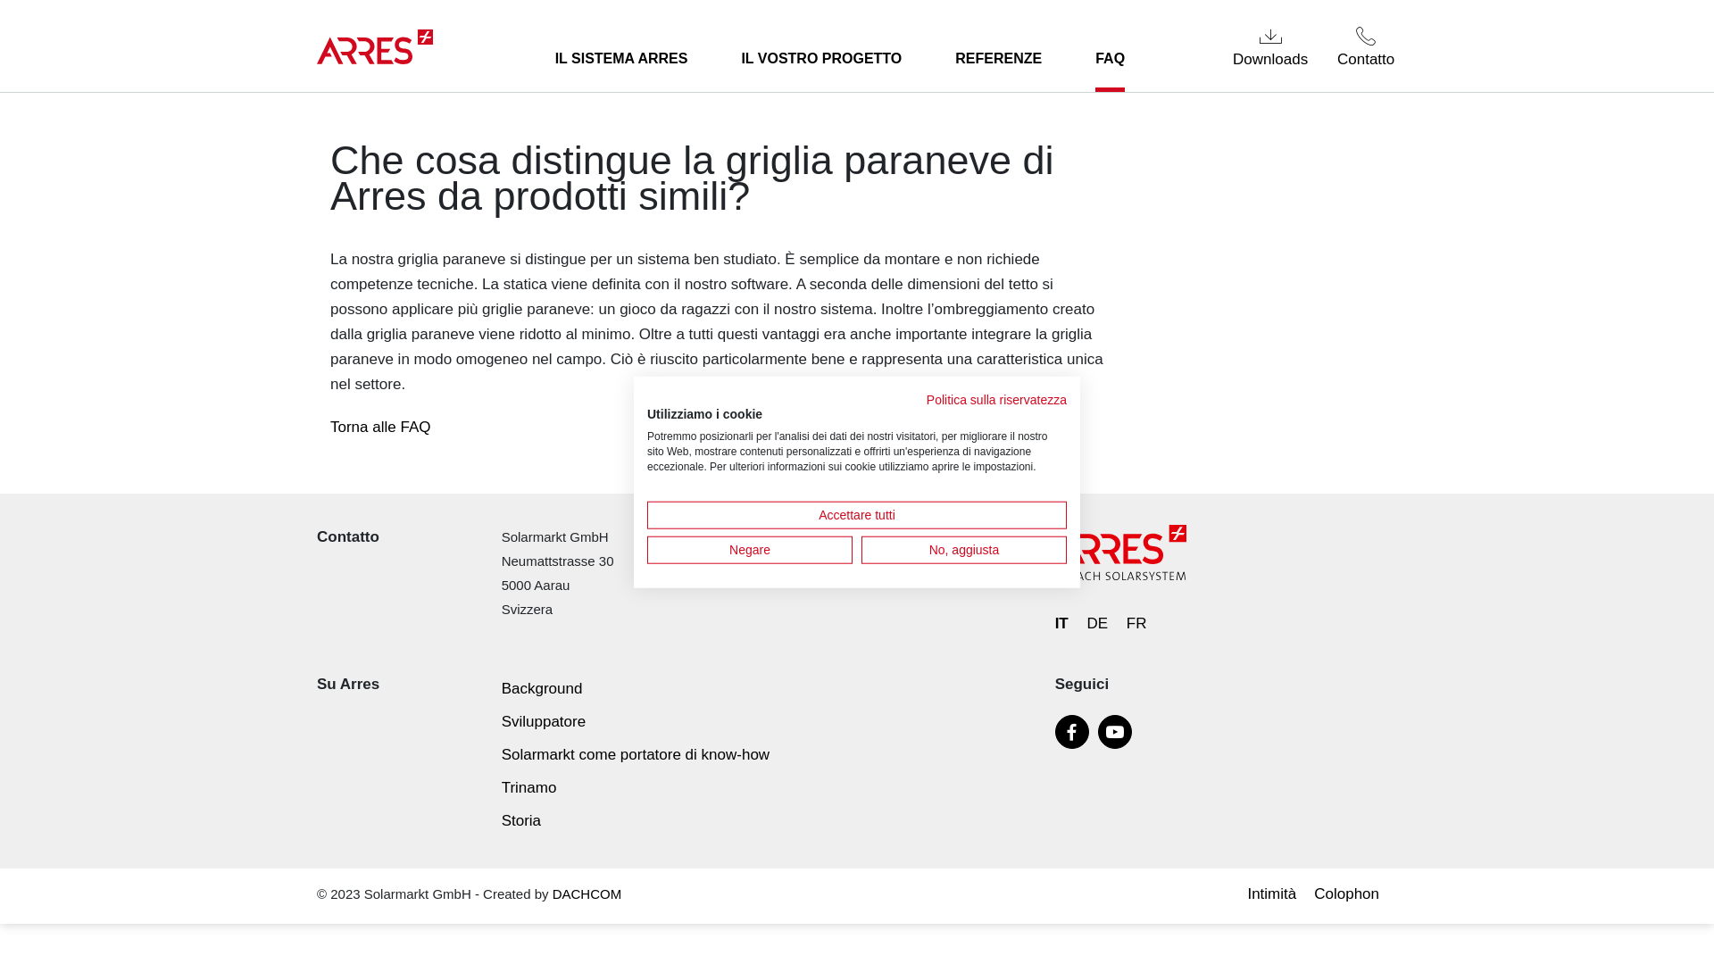 This screenshot has width=1714, height=964. What do you see at coordinates (635, 754) in the screenshot?
I see `'Solarmarkt come portatore di know-how'` at bounding box center [635, 754].